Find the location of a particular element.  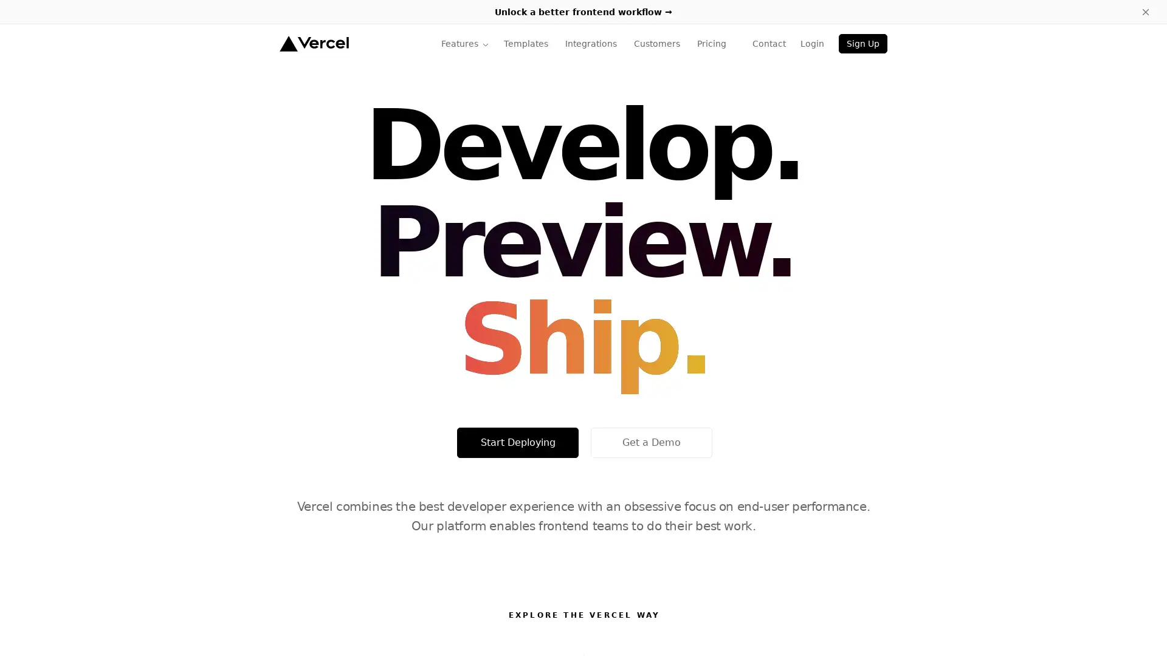

Hide banner is located at coordinates (1145, 12).